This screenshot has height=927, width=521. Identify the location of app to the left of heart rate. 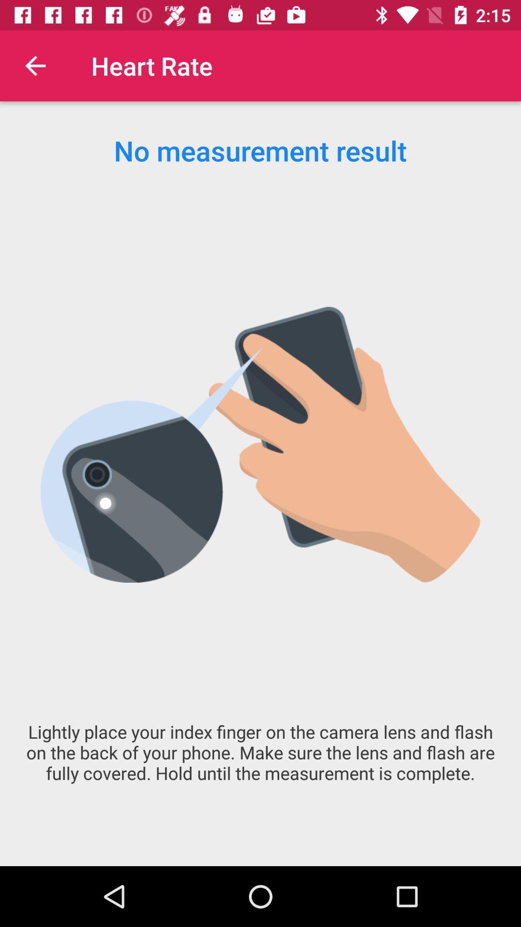
(35, 65).